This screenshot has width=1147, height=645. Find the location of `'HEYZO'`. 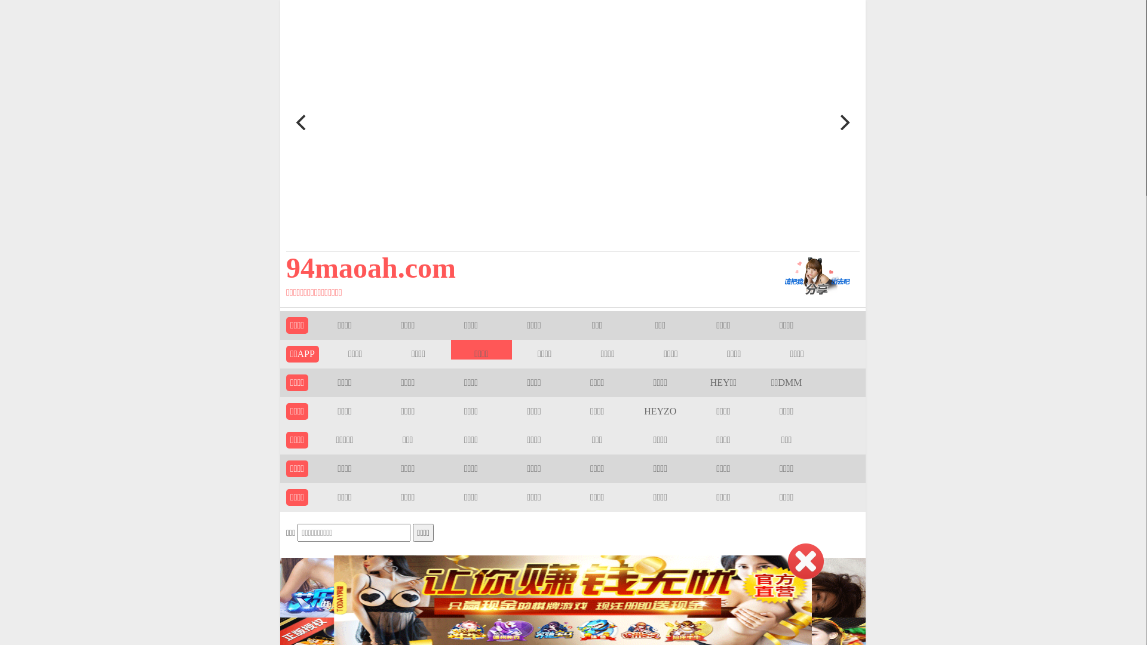

'HEYZO' is located at coordinates (659, 410).